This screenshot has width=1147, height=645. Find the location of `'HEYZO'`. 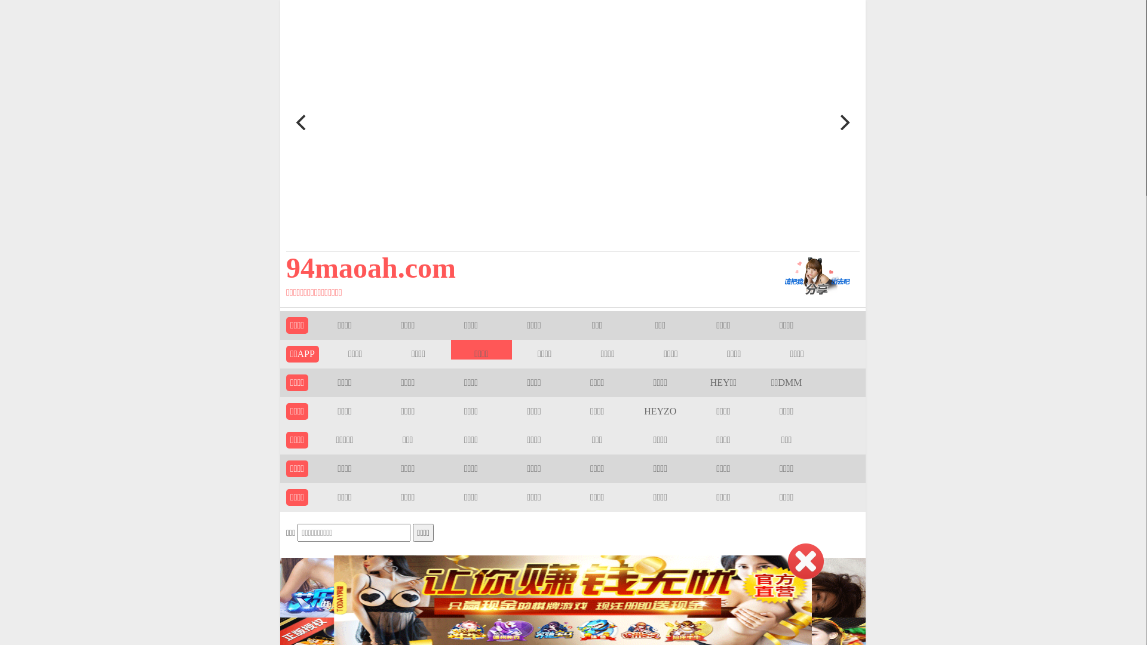

'HEYZO' is located at coordinates (659, 410).